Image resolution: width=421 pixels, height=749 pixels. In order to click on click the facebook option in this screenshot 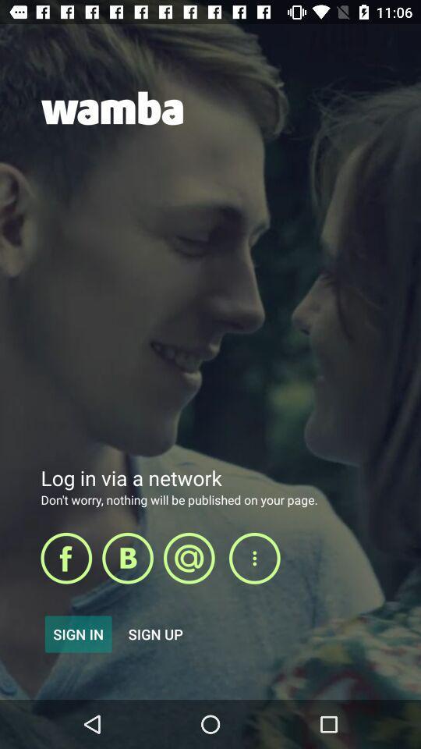, I will do `click(65, 558)`.